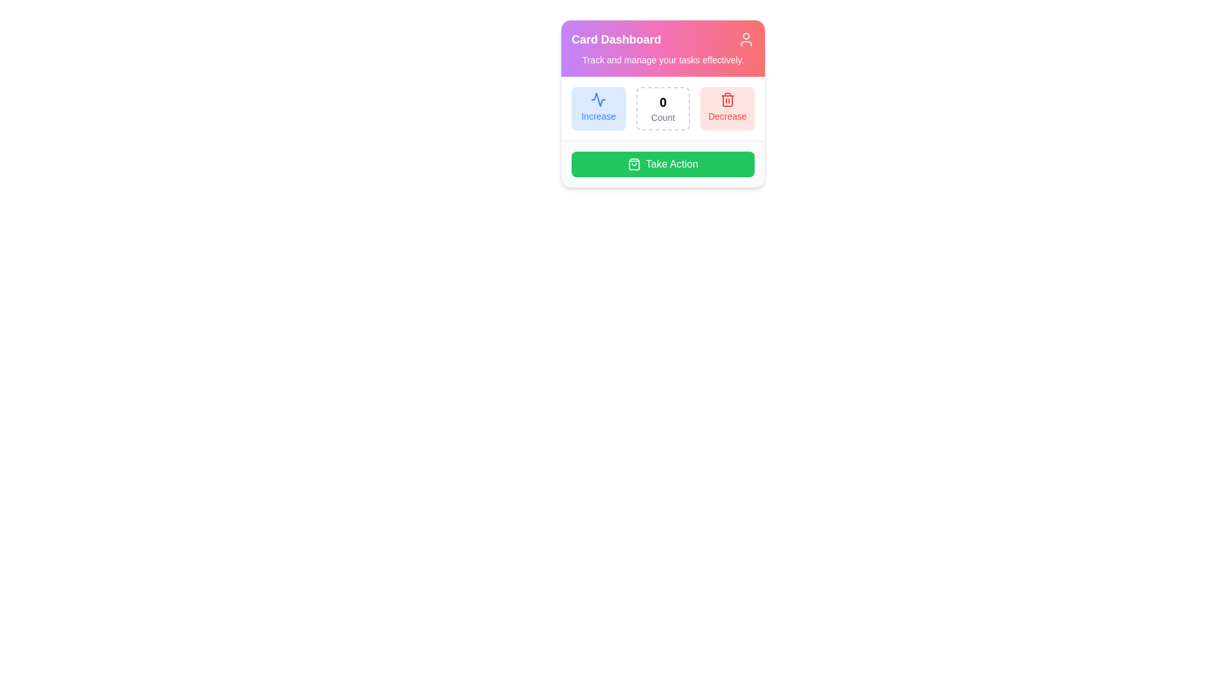 The image size is (1229, 691). I want to click on the orange trash bin icon located in the top right corner of the interface card, so click(727, 100).